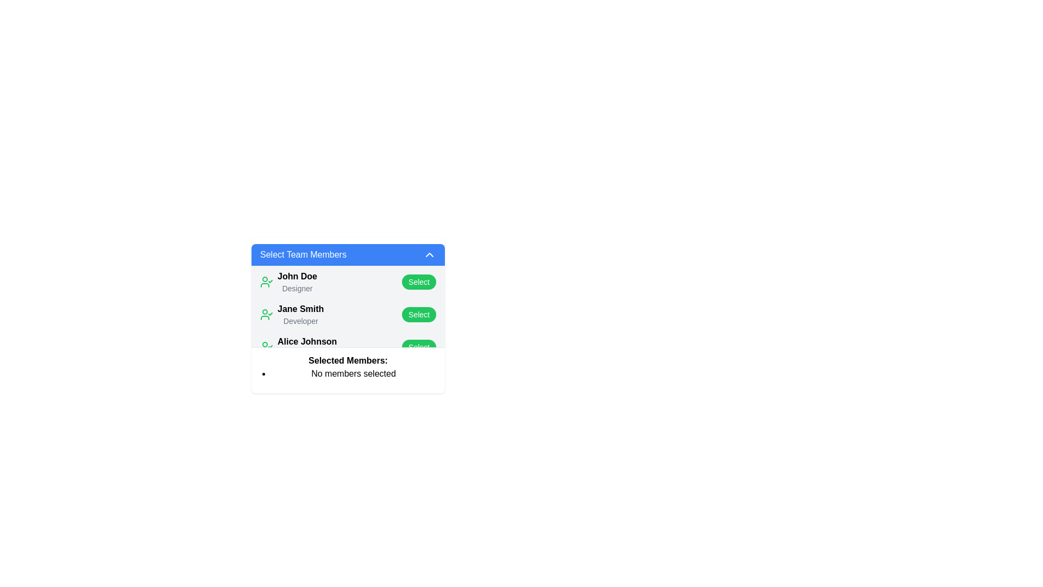 This screenshot has width=1043, height=587. Describe the element at coordinates (288, 282) in the screenshot. I see `the text display representing a team member's name and role, located at the top of the team members list, which includes a green user icon to the left and a 'Select' button to the right` at that location.